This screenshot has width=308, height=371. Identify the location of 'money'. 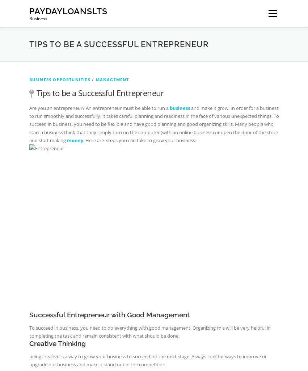
(75, 140).